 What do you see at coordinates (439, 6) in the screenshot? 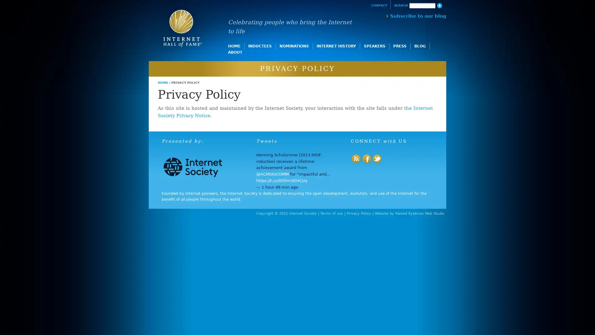
I see `Search` at bounding box center [439, 6].